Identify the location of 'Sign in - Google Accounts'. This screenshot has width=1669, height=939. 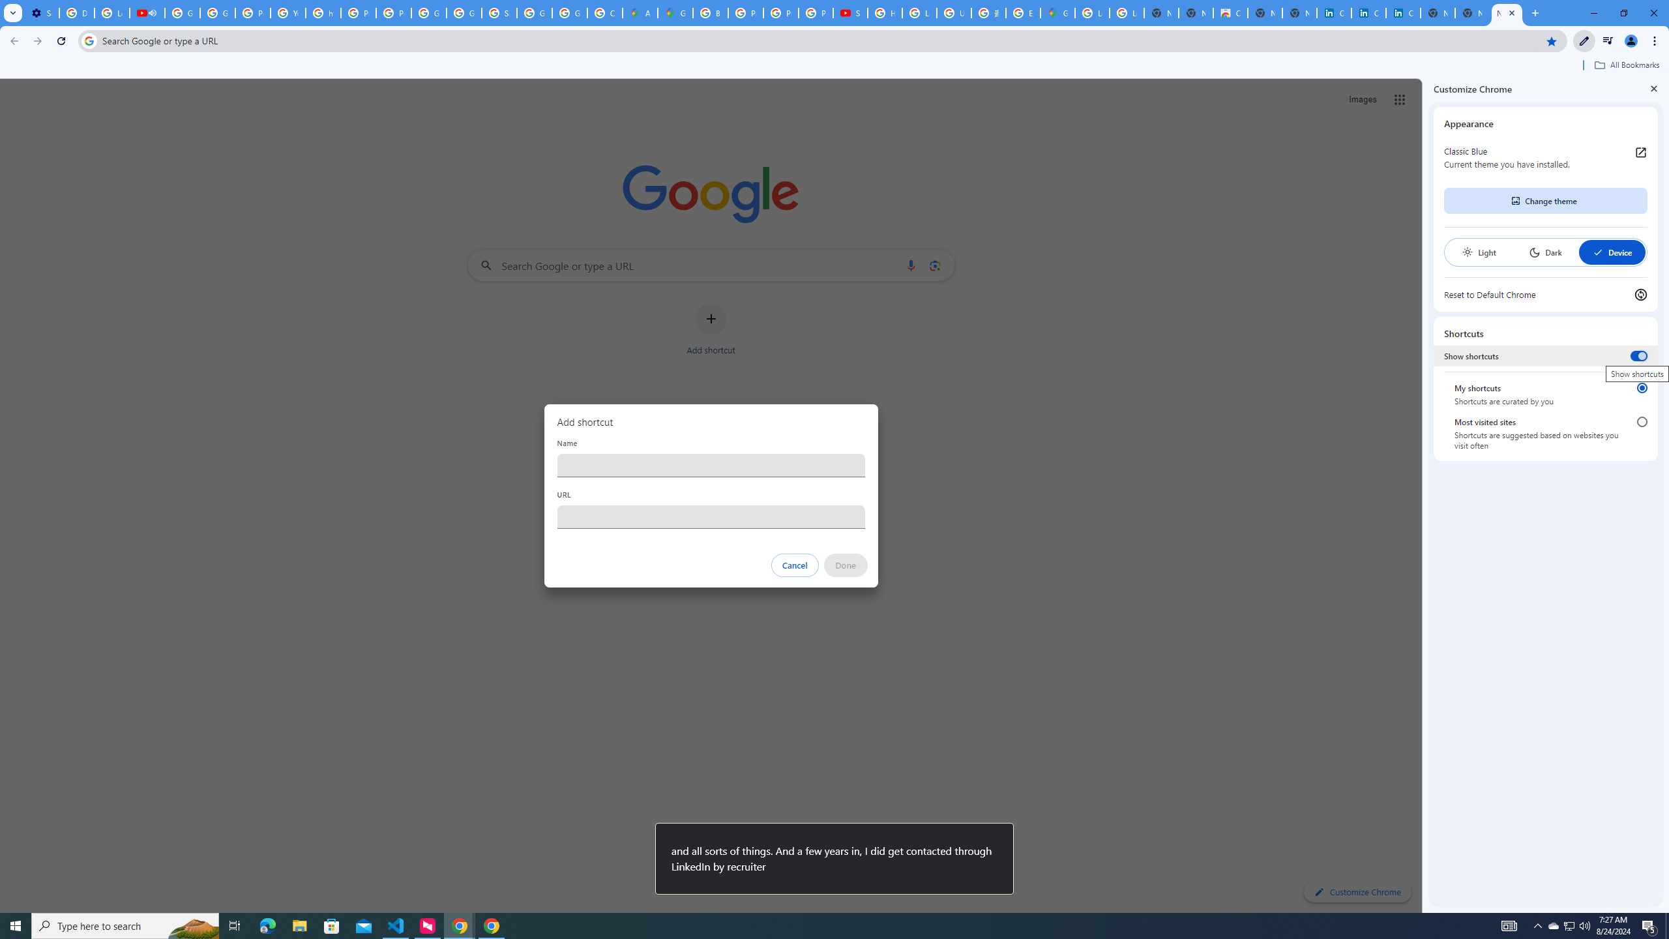
(499, 12).